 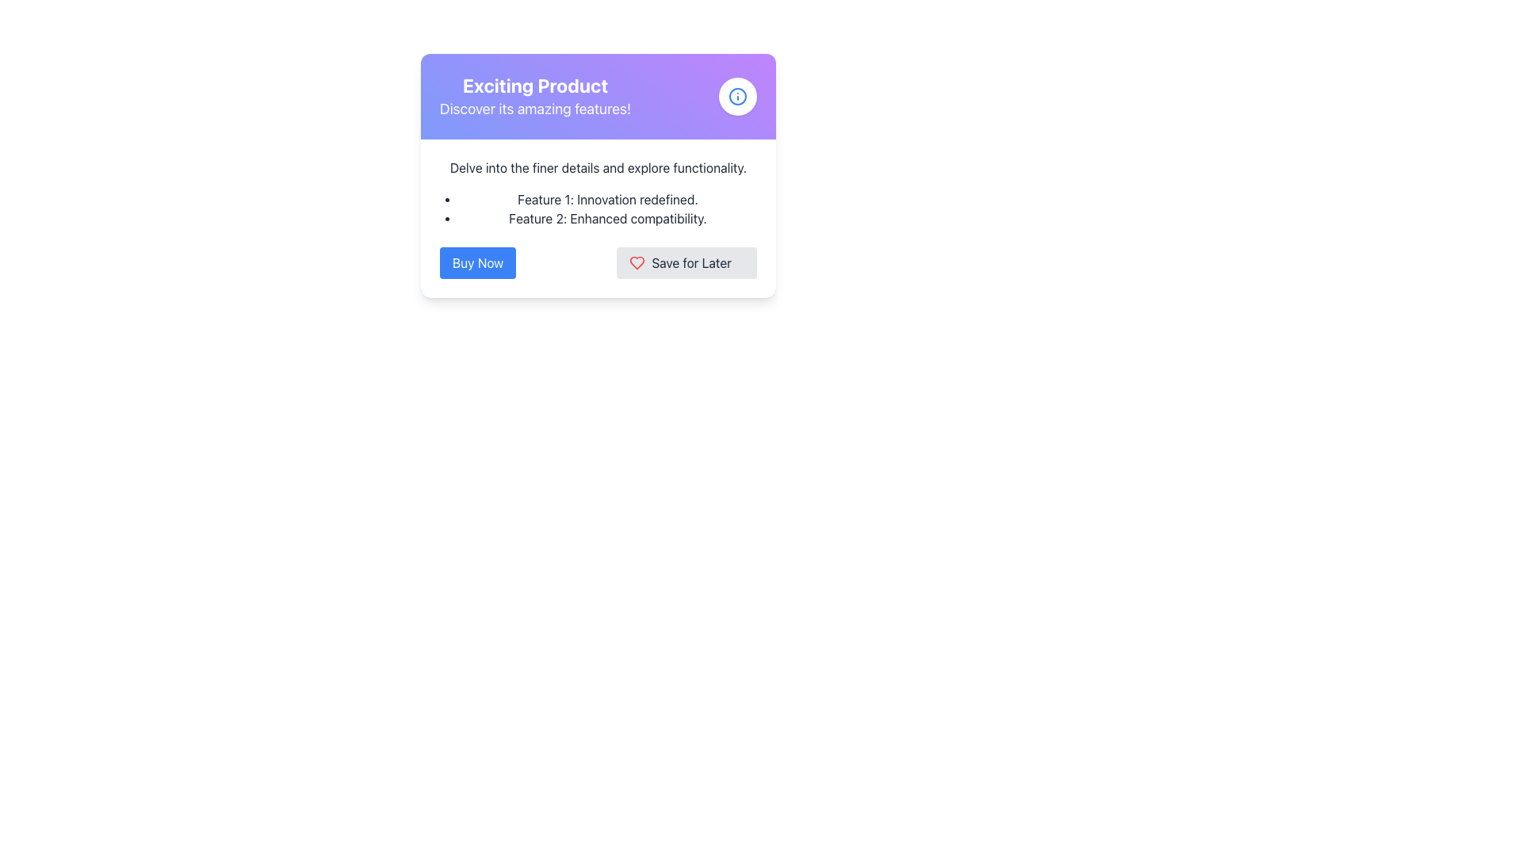 What do you see at coordinates (737, 97) in the screenshot?
I see `the informational icon located in the top-right corner of the purple header section of the card, aligned with the title 'Exciting Product'` at bounding box center [737, 97].